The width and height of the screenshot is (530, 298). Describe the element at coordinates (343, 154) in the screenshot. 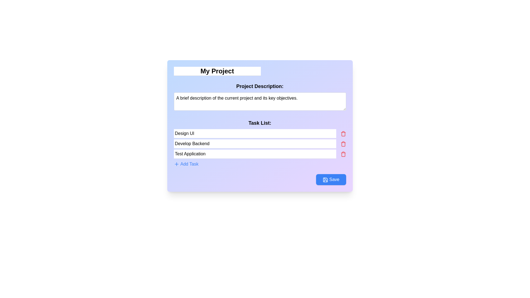

I see `the delete button icon located to the right of the 'Test Application' input field` at that location.